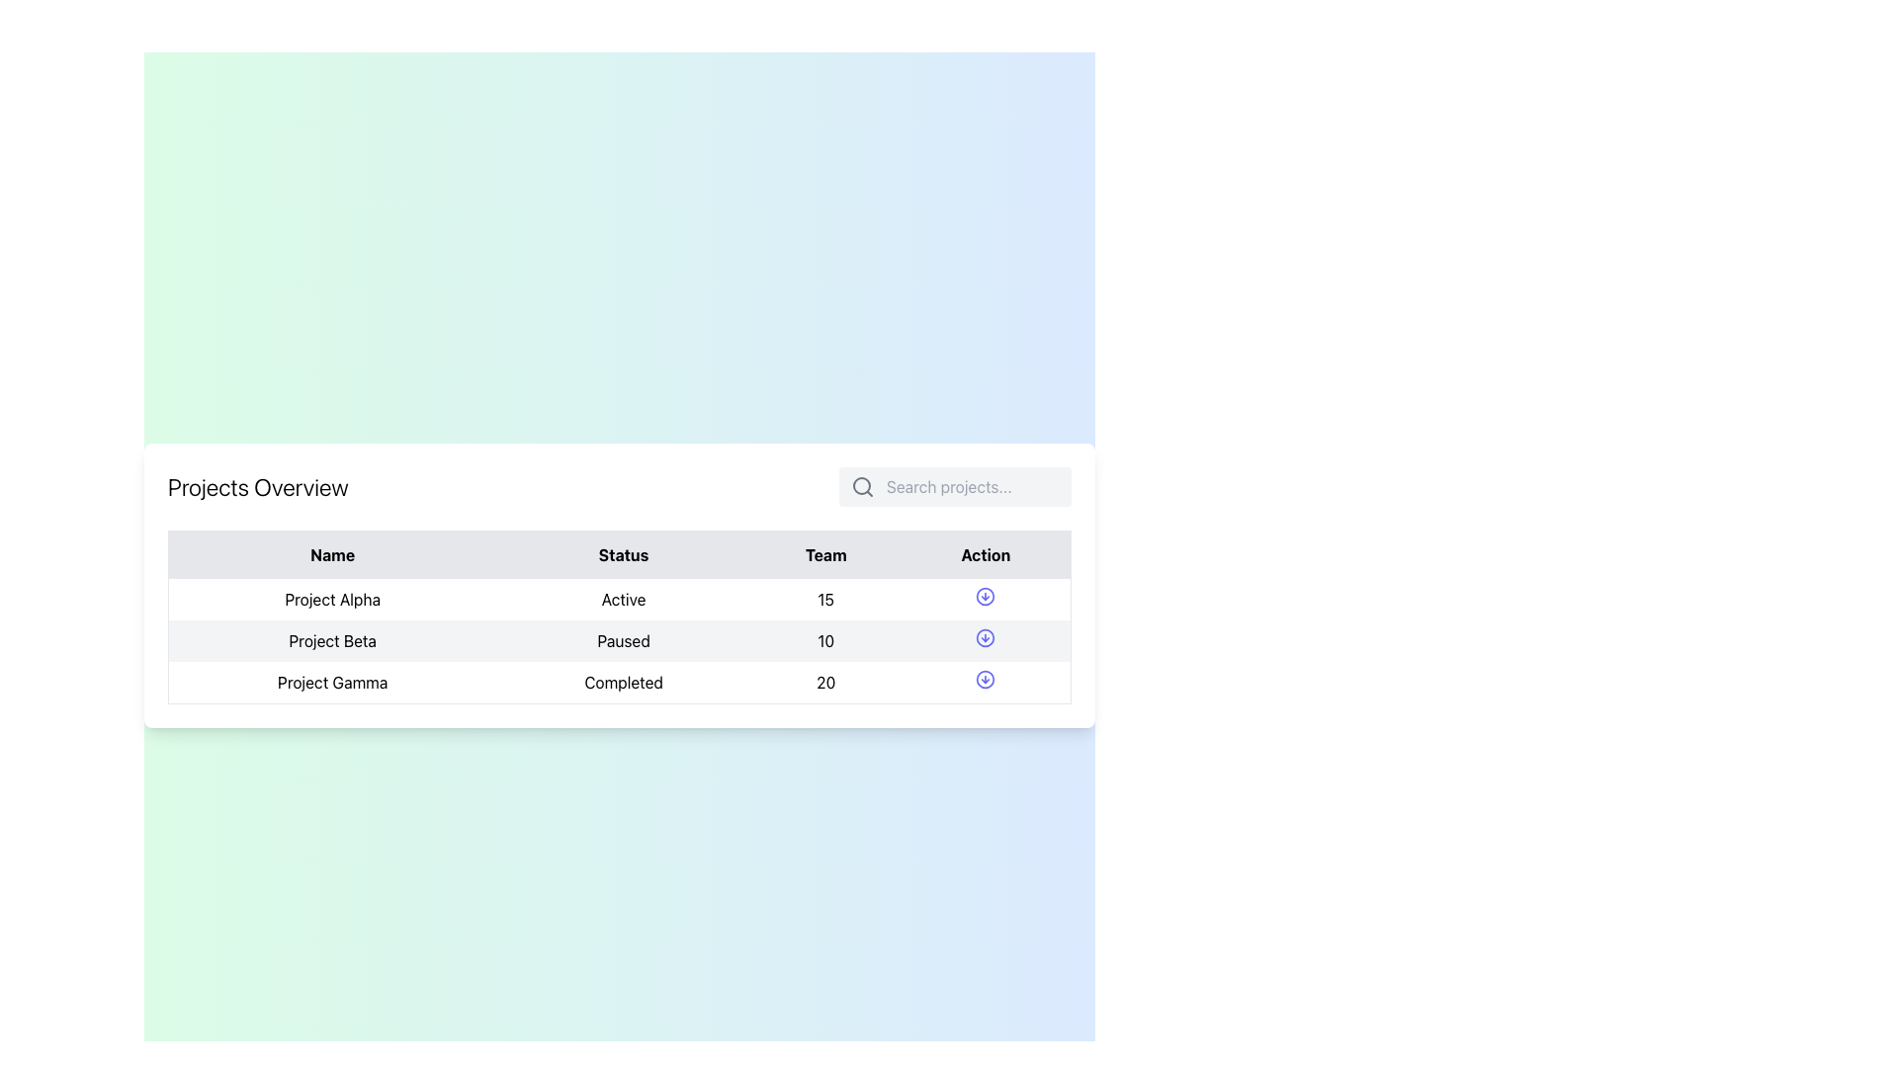 Image resolution: width=1898 pixels, height=1067 pixels. What do you see at coordinates (623, 598) in the screenshot?
I see `text label indicating the current status of 'Project Alpha' in the second column of the first row within the table, located below the 'Status' header` at bounding box center [623, 598].